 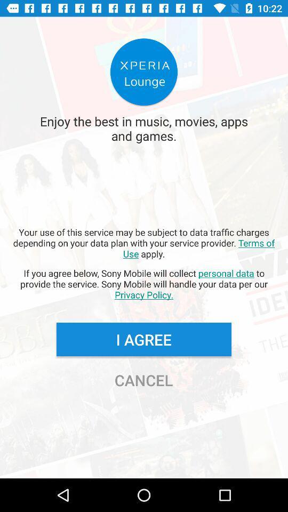 I want to click on icon above the if you agree app, so click(x=144, y=243).